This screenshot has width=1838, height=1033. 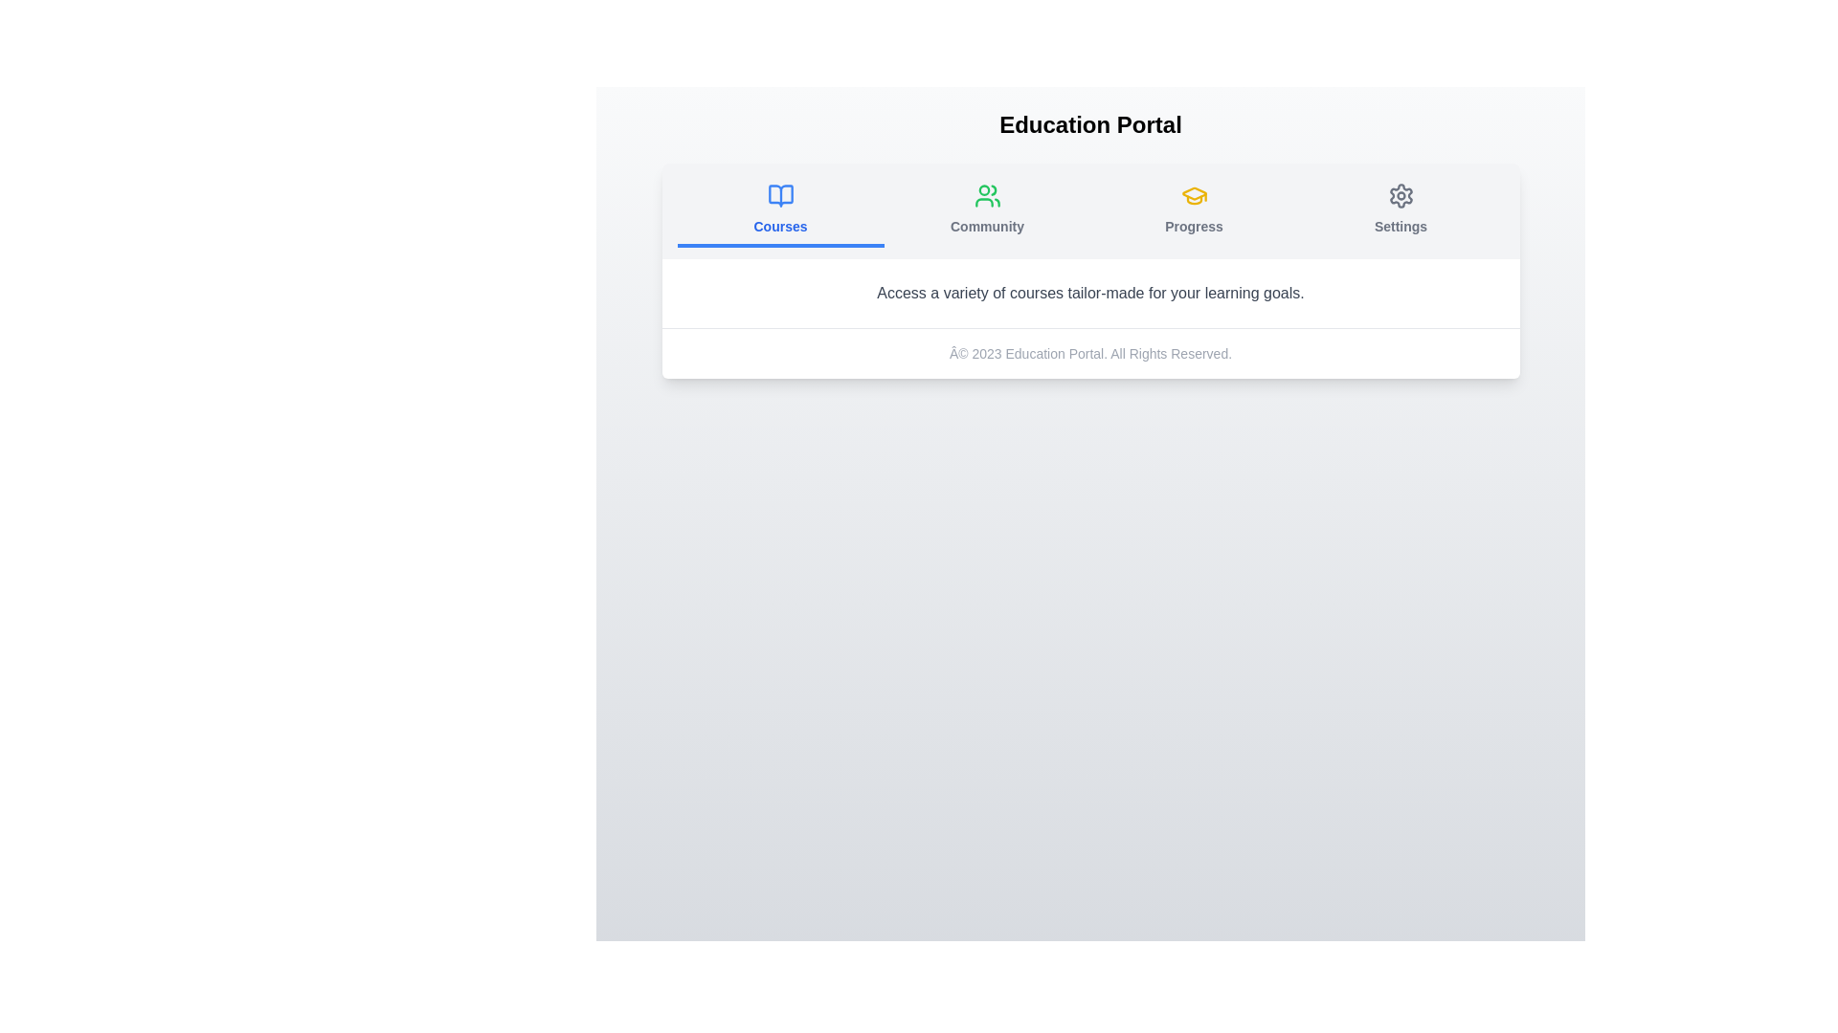 What do you see at coordinates (987, 210) in the screenshot?
I see `the 'Community' navigation button, which is the second option from the left on the navigation bar` at bounding box center [987, 210].